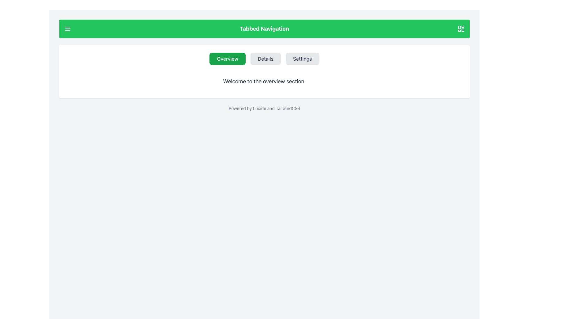  Describe the element at coordinates (302, 59) in the screenshot. I see `the 'Settings' button, which is a rectangular button with rounded corners, light gray background, and dark gray text` at that location.